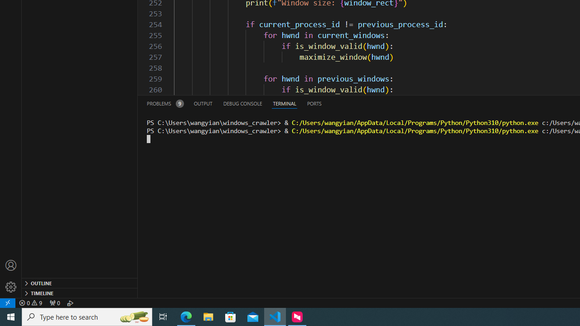  What do you see at coordinates (242, 103) in the screenshot?
I see `'Debug Console (Ctrl+Shift+Y)'` at bounding box center [242, 103].